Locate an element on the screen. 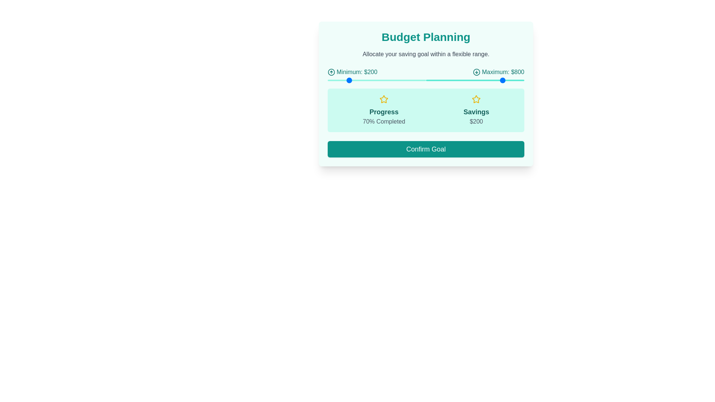  the slider value is located at coordinates (359, 80).